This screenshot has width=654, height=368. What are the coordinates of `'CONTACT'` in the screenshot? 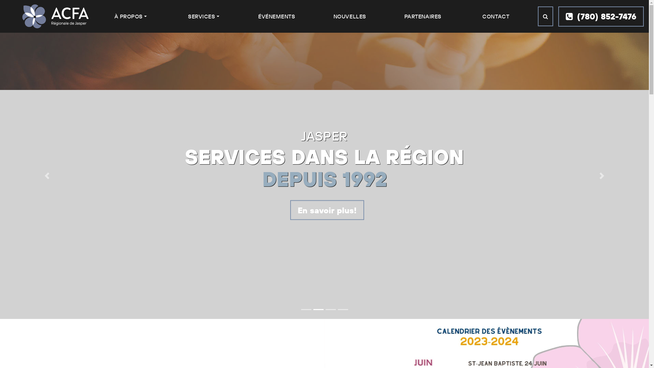 It's located at (477, 16).